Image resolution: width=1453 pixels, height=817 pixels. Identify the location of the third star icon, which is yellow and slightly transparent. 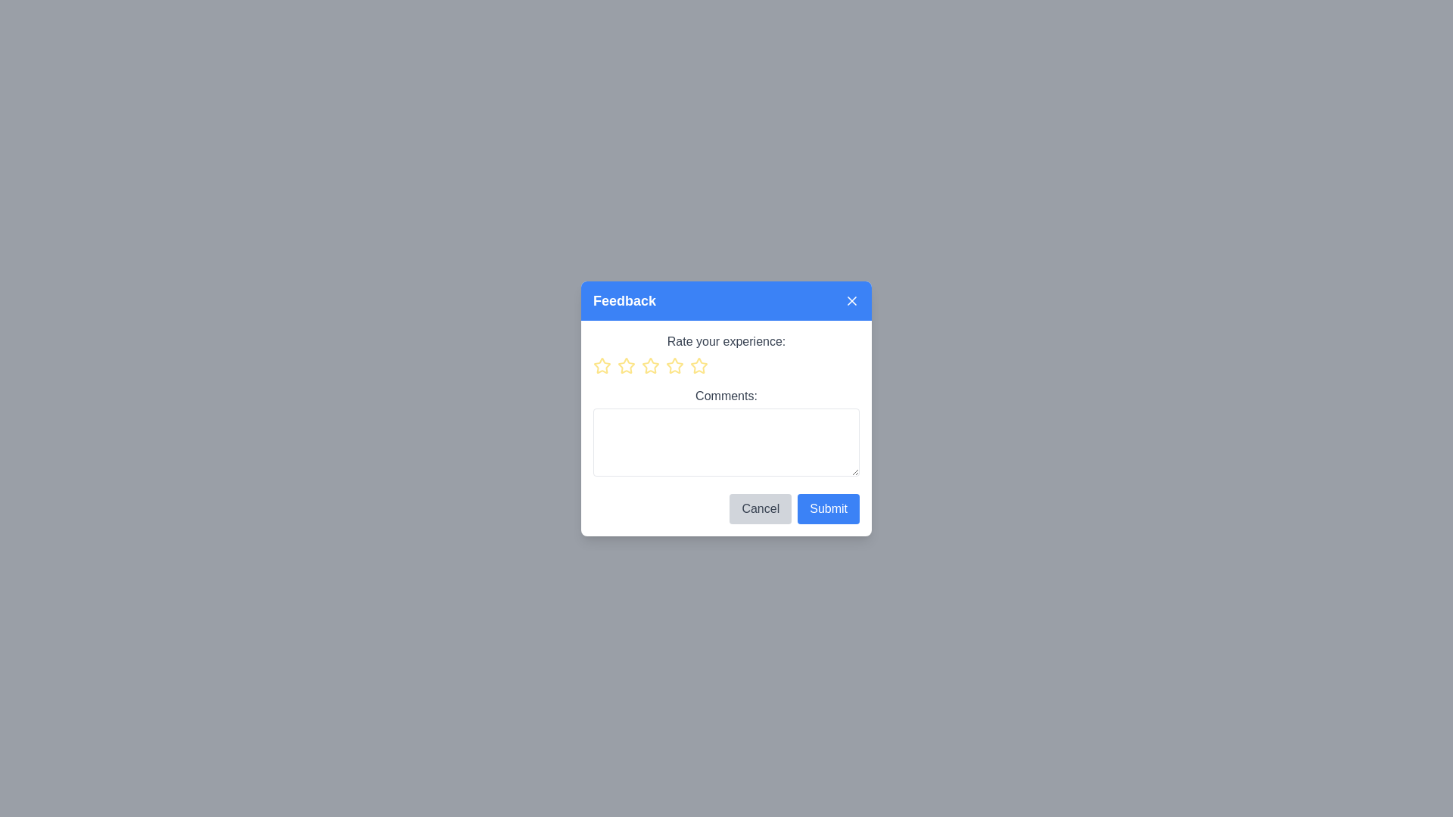
(650, 365).